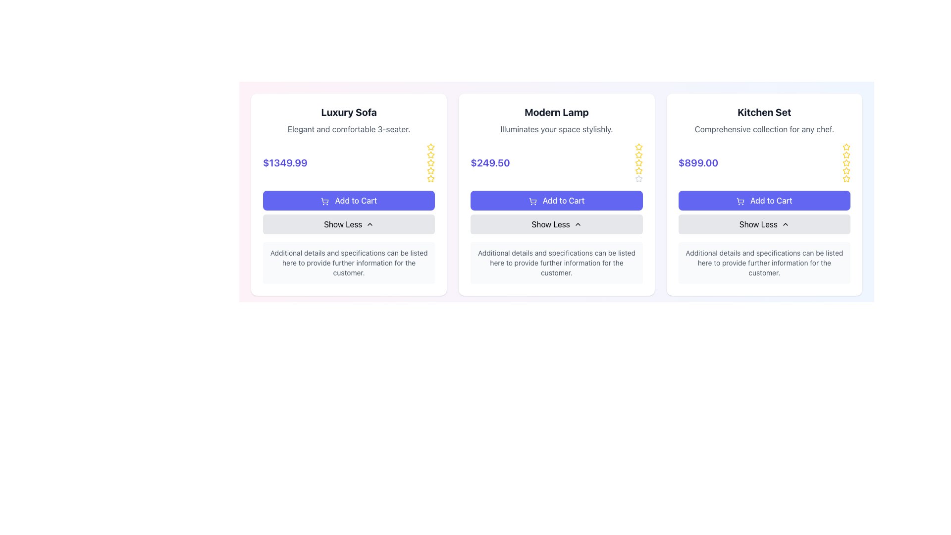  What do you see at coordinates (638, 178) in the screenshot?
I see `the fourth star icon in the vertical stack of five stars representing the rating system for the 'Modern Lamp' card` at bounding box center [638, 178].